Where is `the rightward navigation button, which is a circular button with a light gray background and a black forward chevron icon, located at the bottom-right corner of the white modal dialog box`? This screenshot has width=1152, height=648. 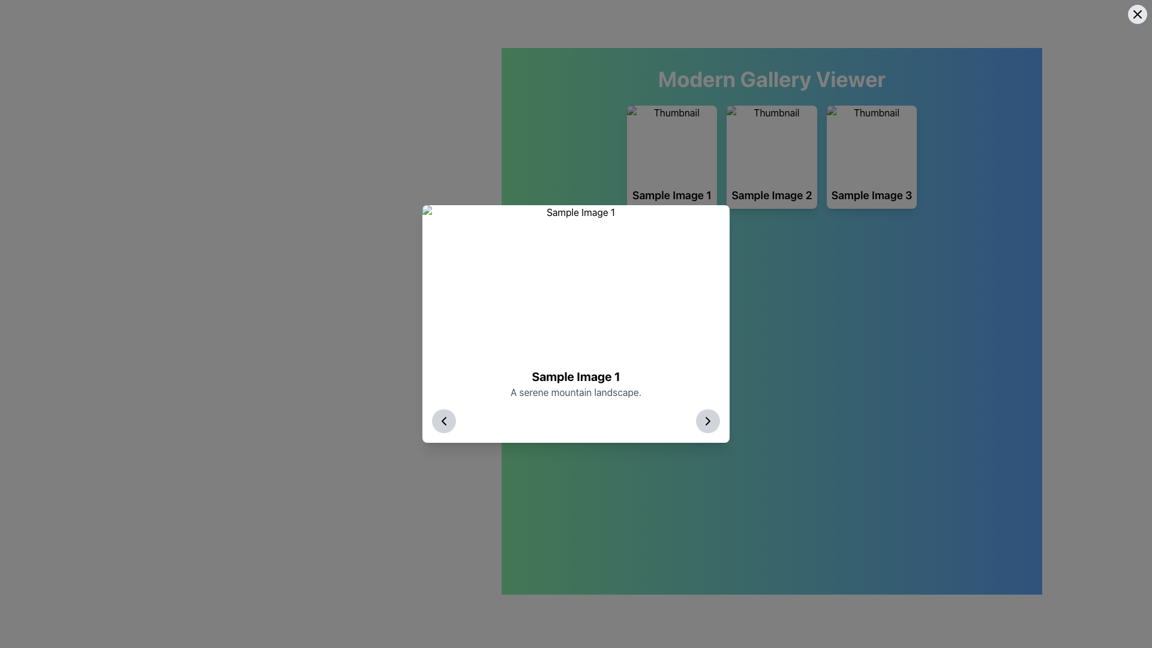 the rightward navigation button, which is a circular button with a light gray background and a black forward chevron icon, located at the bottom-right corner of the white modal dialog box is located at coordinates (708, 421).